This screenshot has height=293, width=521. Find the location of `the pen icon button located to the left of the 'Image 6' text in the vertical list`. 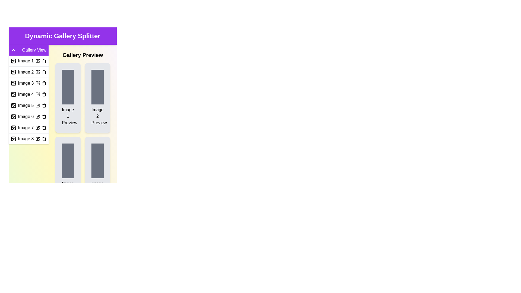

the pen icon button located to the left of the 'Image 6' text in the vertical list is located at coordinates (37, 116).